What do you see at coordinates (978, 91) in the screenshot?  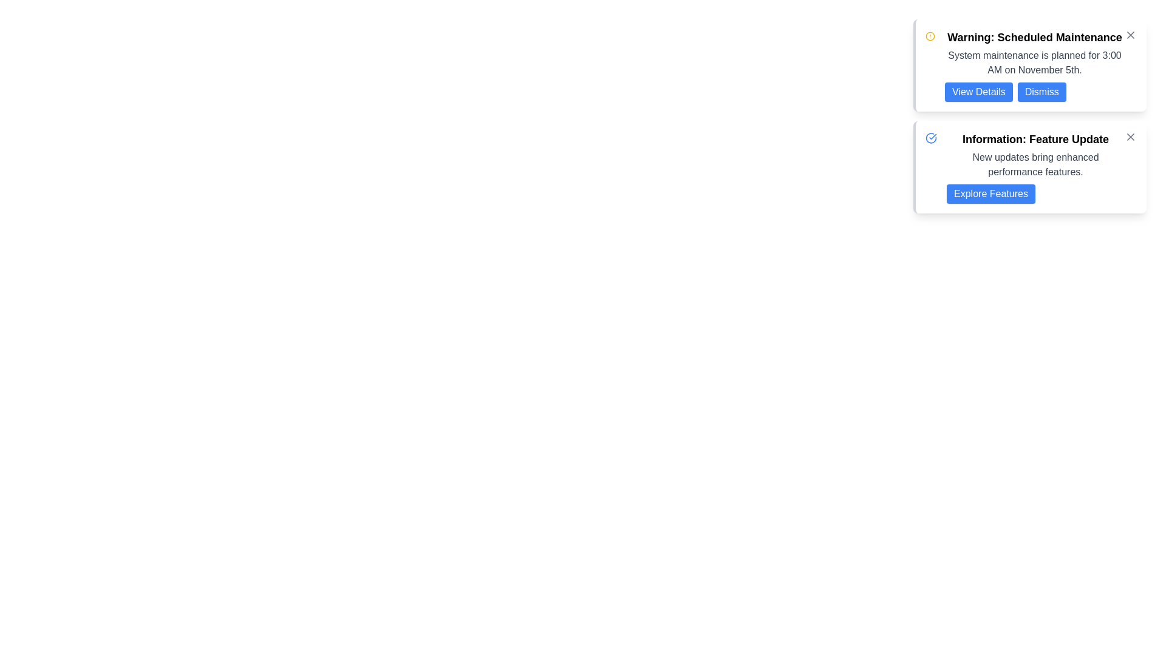 I see `the rectangular blue button with rounded corners and white text that reads 'View Details' to change its color` at bounding box center [978, 91].